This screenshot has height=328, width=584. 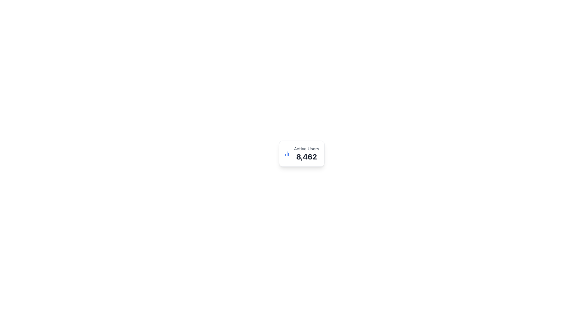 What do you see at coordinates (287, 153) in the screenshot?
I see `the blue bar chart icon representing 'Active Users'` at bounding box center [287, 153].